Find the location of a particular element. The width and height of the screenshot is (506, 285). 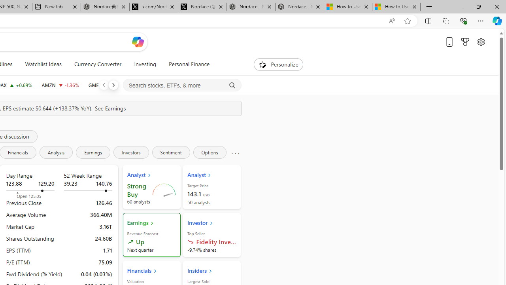

'Nordace (@NordaceOfficial) / X' is located at coordinates (202, 7).